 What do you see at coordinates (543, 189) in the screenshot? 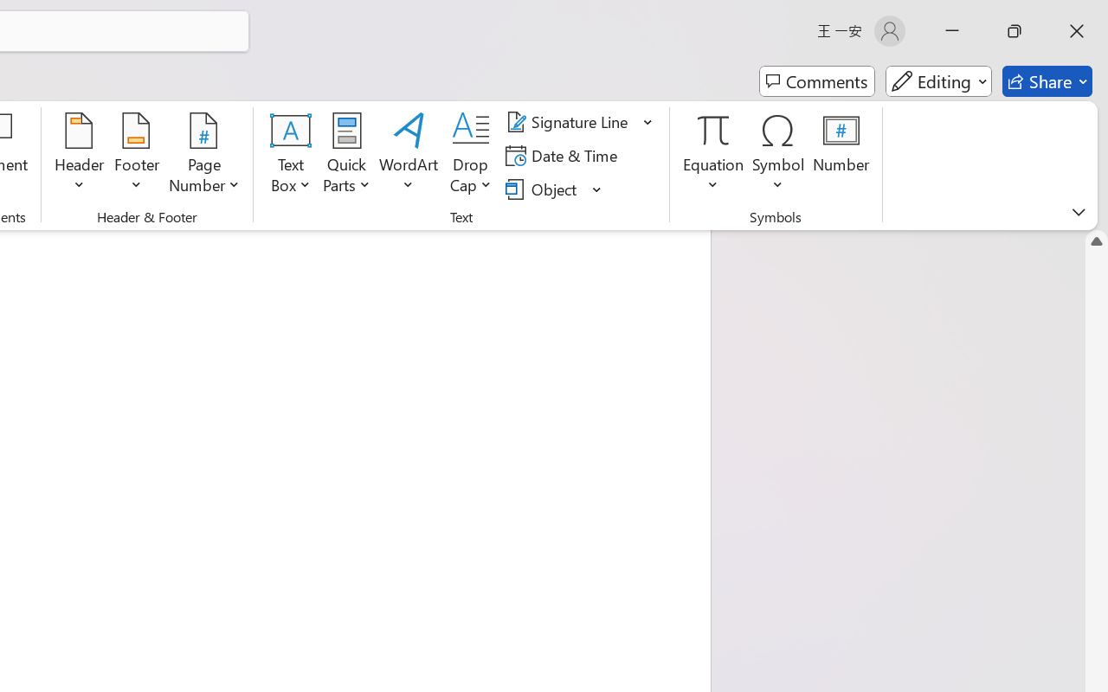
I see `'Object...'` at bounding box center [543, 189].